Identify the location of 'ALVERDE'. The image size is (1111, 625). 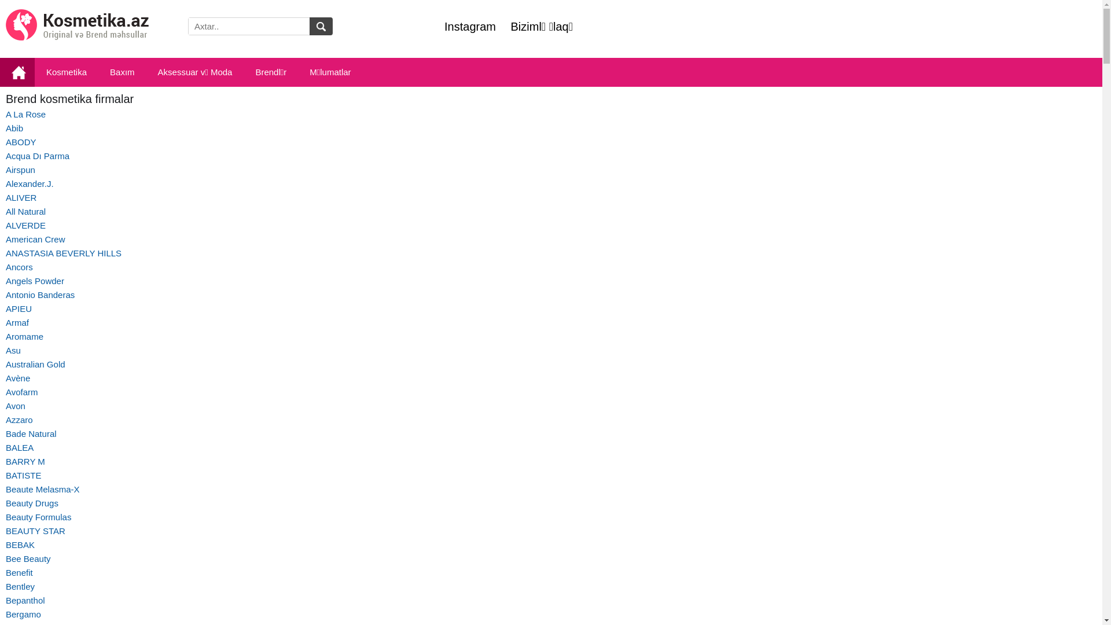
(25, 225).